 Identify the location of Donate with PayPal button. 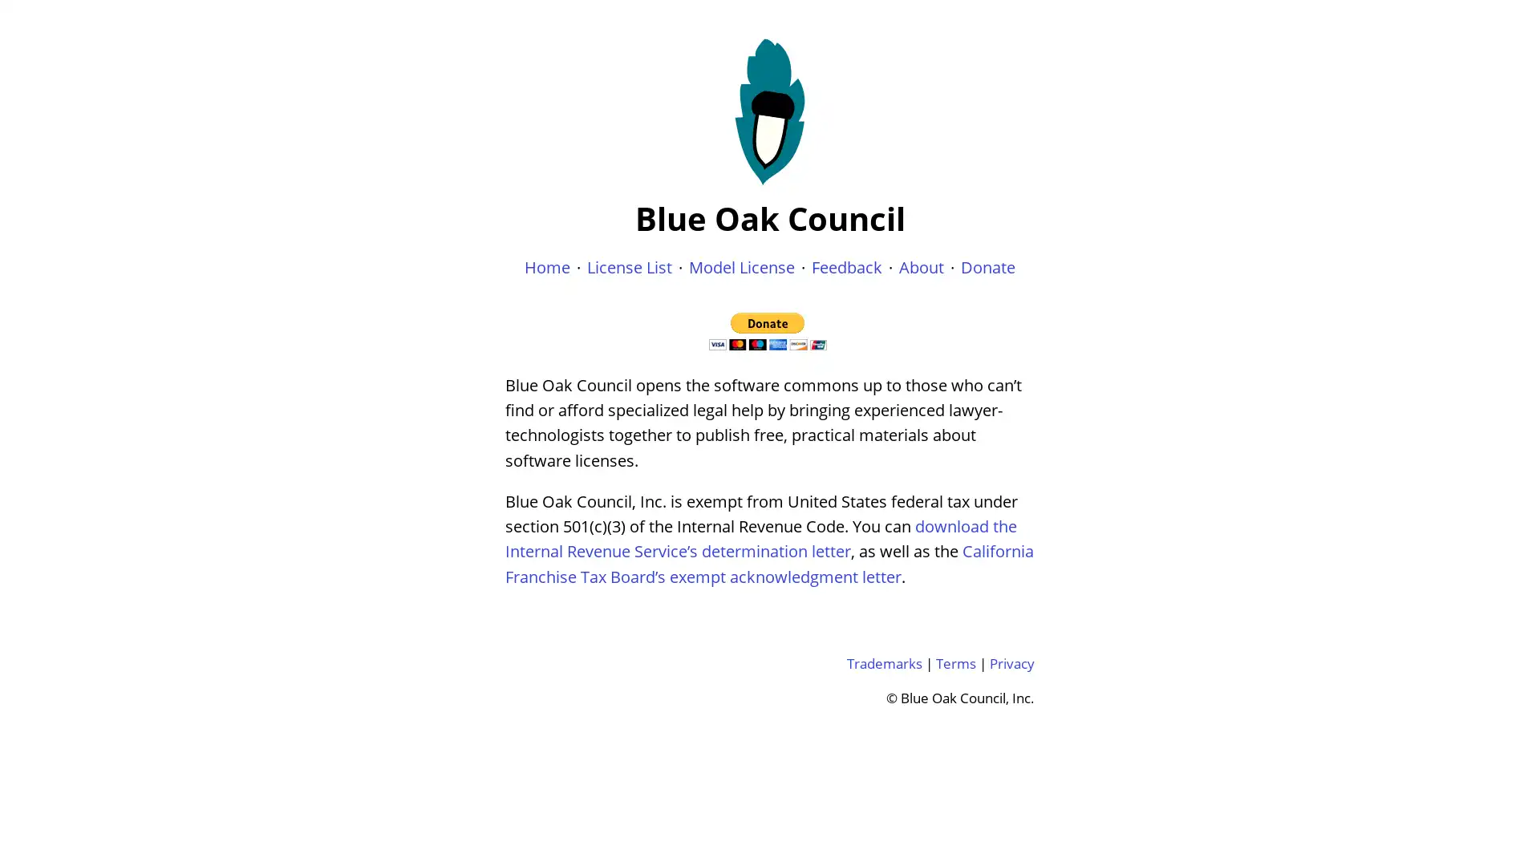
(766, 330).